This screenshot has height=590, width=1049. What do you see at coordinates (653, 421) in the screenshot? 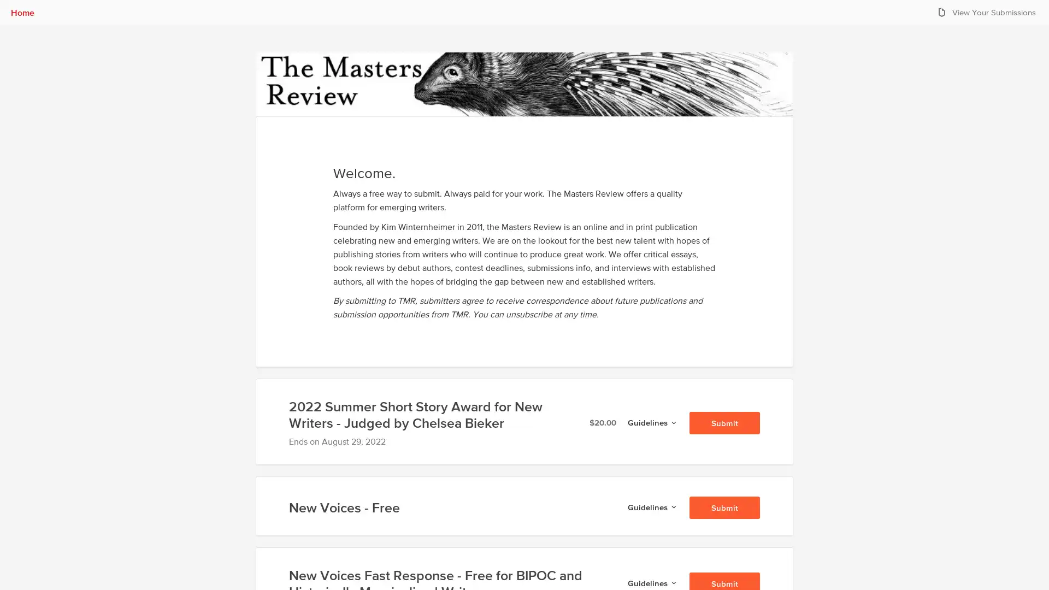
I see `Guidelines for 2022 Summer Short Story Award for New Writers - Judged by Chelsea Bieker` at bounding box center [653, 421].